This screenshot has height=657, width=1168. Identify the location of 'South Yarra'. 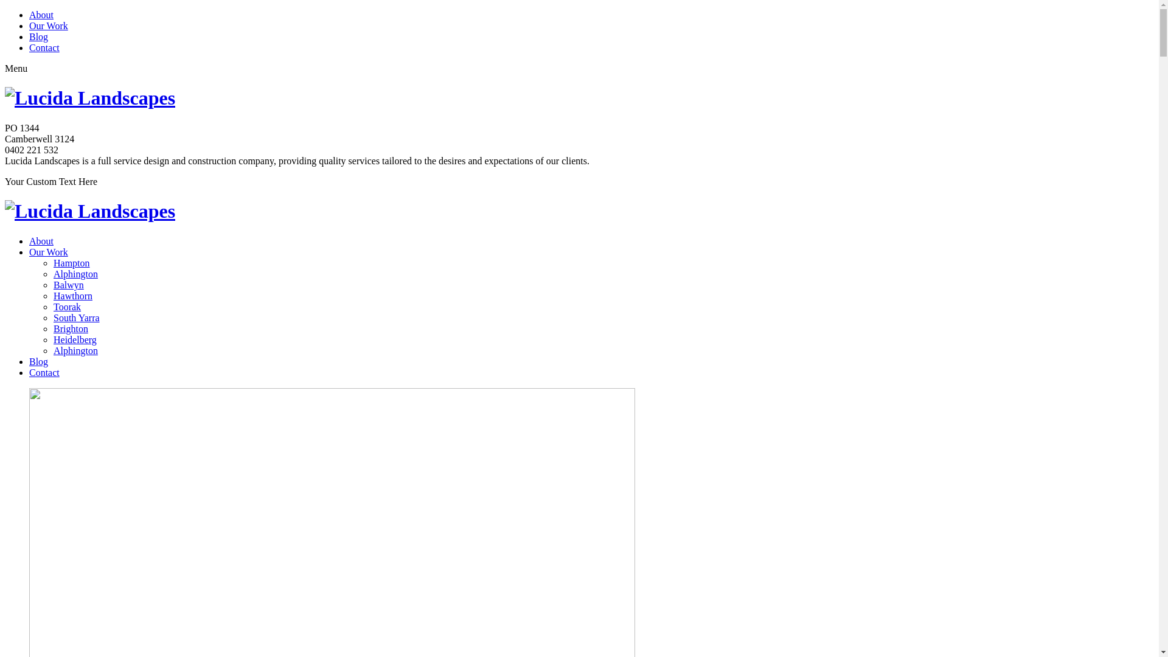
(75, 317).